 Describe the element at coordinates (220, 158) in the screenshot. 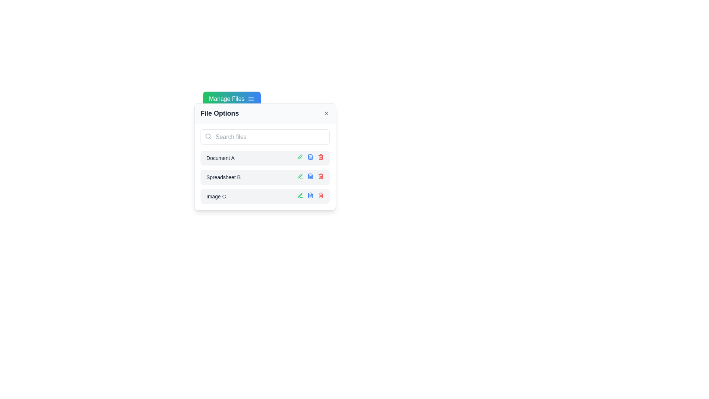

I see `the text label 'Document A', which is styled in a small font size with medium weight and grayish-black color, located at the top of the 'File Options' panel` at that location.